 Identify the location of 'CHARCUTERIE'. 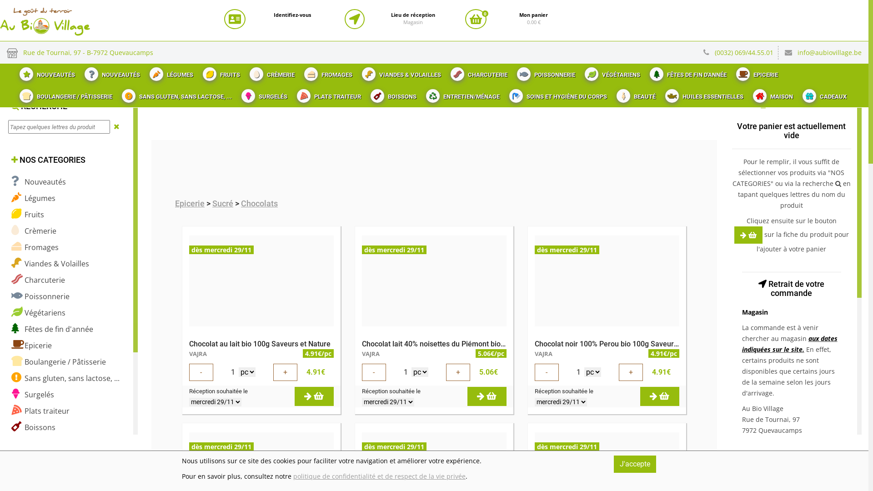
(477, 71).